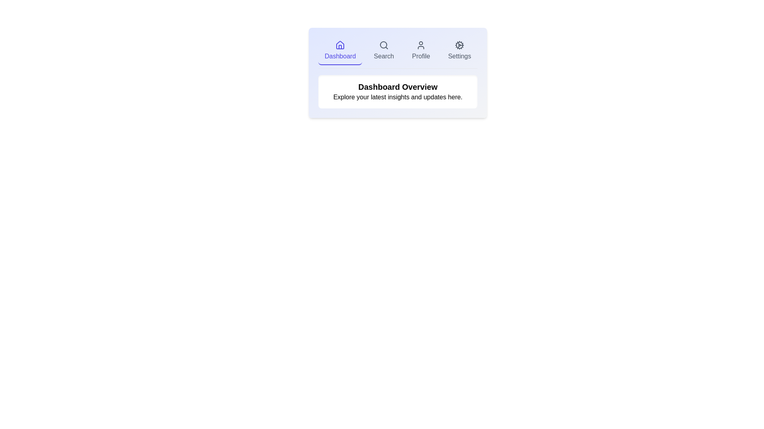 The height and width of the screenshot is (429, 764). Describe the element at coordinates (398, 91) in the screenshot. I see `text contained in the Text block with a header titled 'Dashboard Overview' and the description 'Explore your latest insights and updates here.' positioned near the top-center of the interface` at that location.